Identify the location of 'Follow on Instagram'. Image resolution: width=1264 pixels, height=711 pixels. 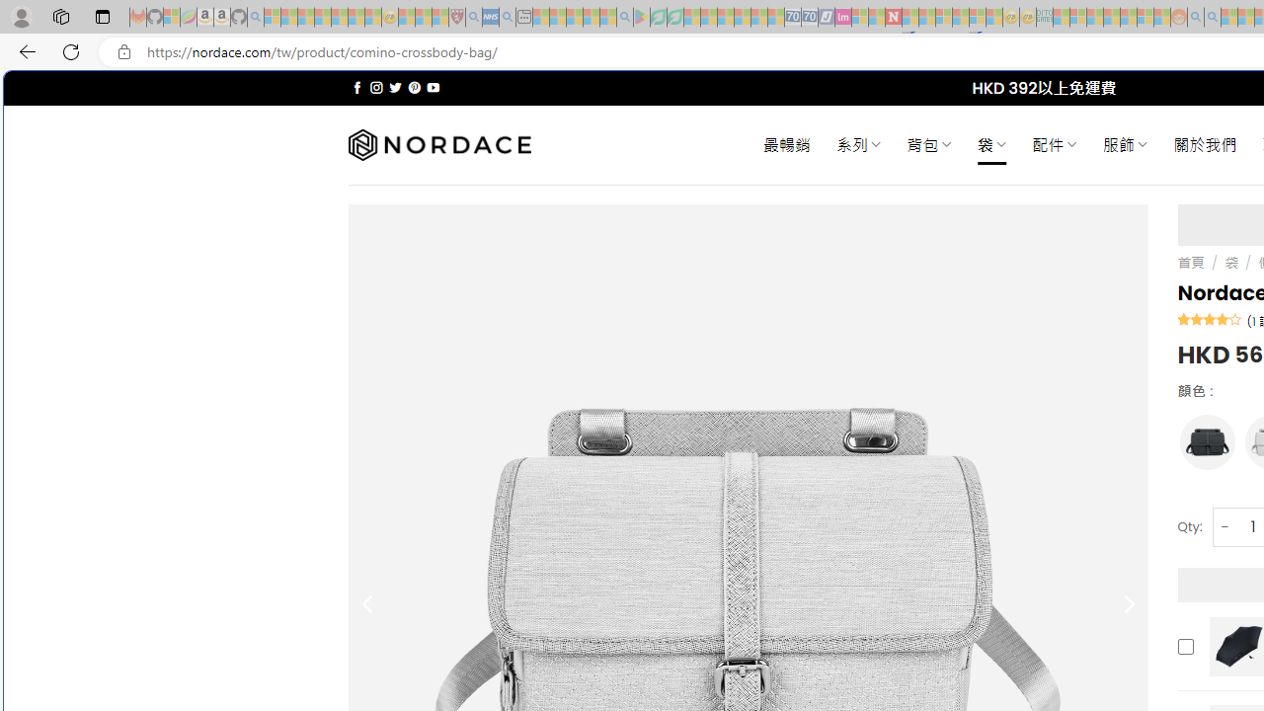
(376, 87).